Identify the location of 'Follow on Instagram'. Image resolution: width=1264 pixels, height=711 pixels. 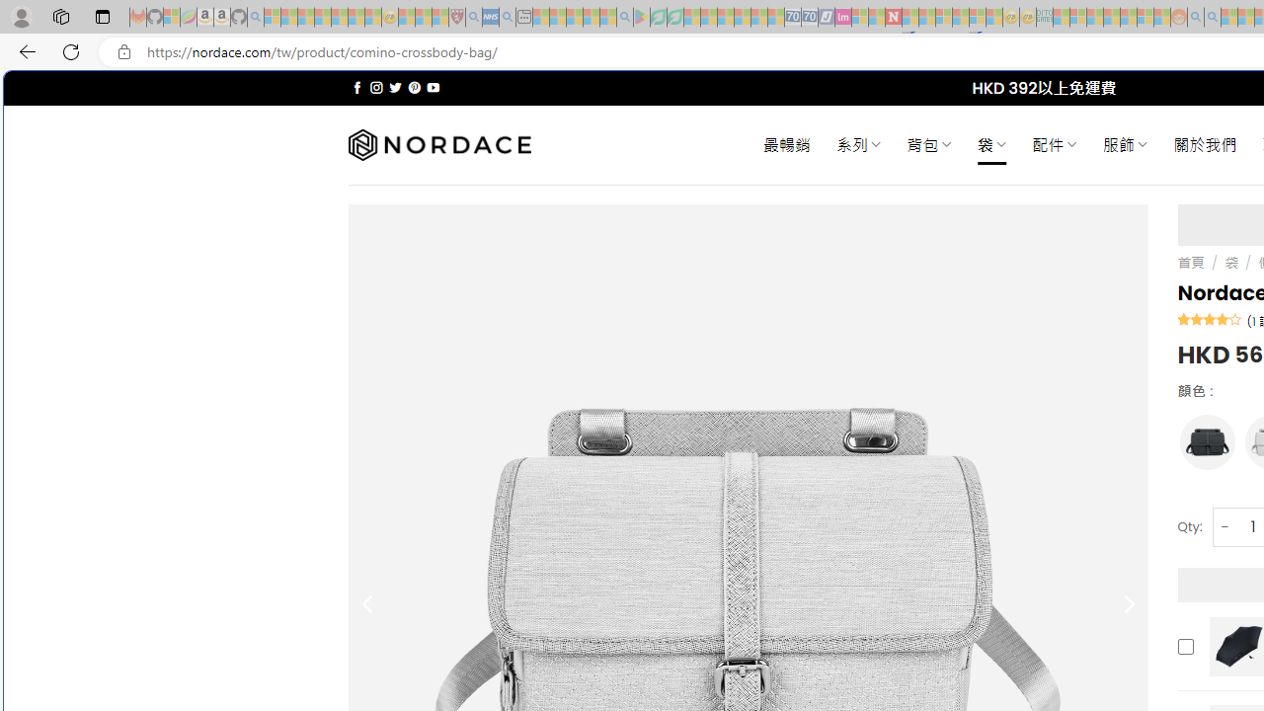
(376, 87).